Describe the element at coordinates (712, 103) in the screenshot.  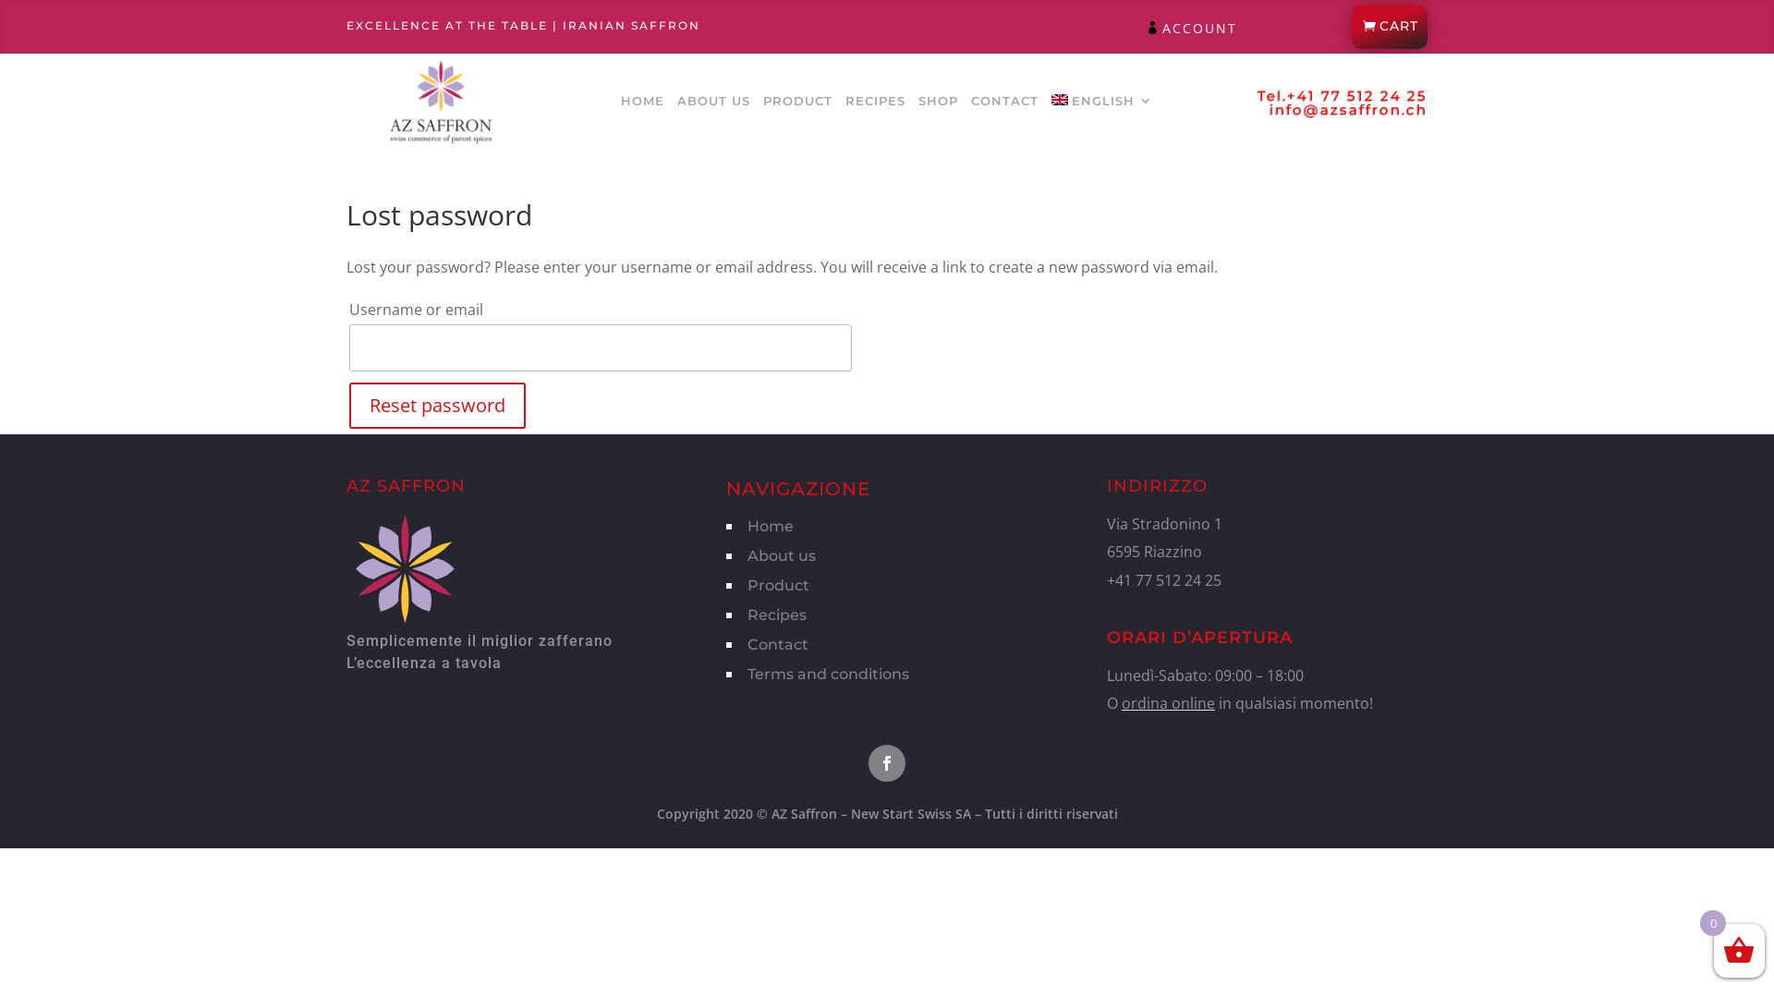
I see `'ABOUT US'` at that location.